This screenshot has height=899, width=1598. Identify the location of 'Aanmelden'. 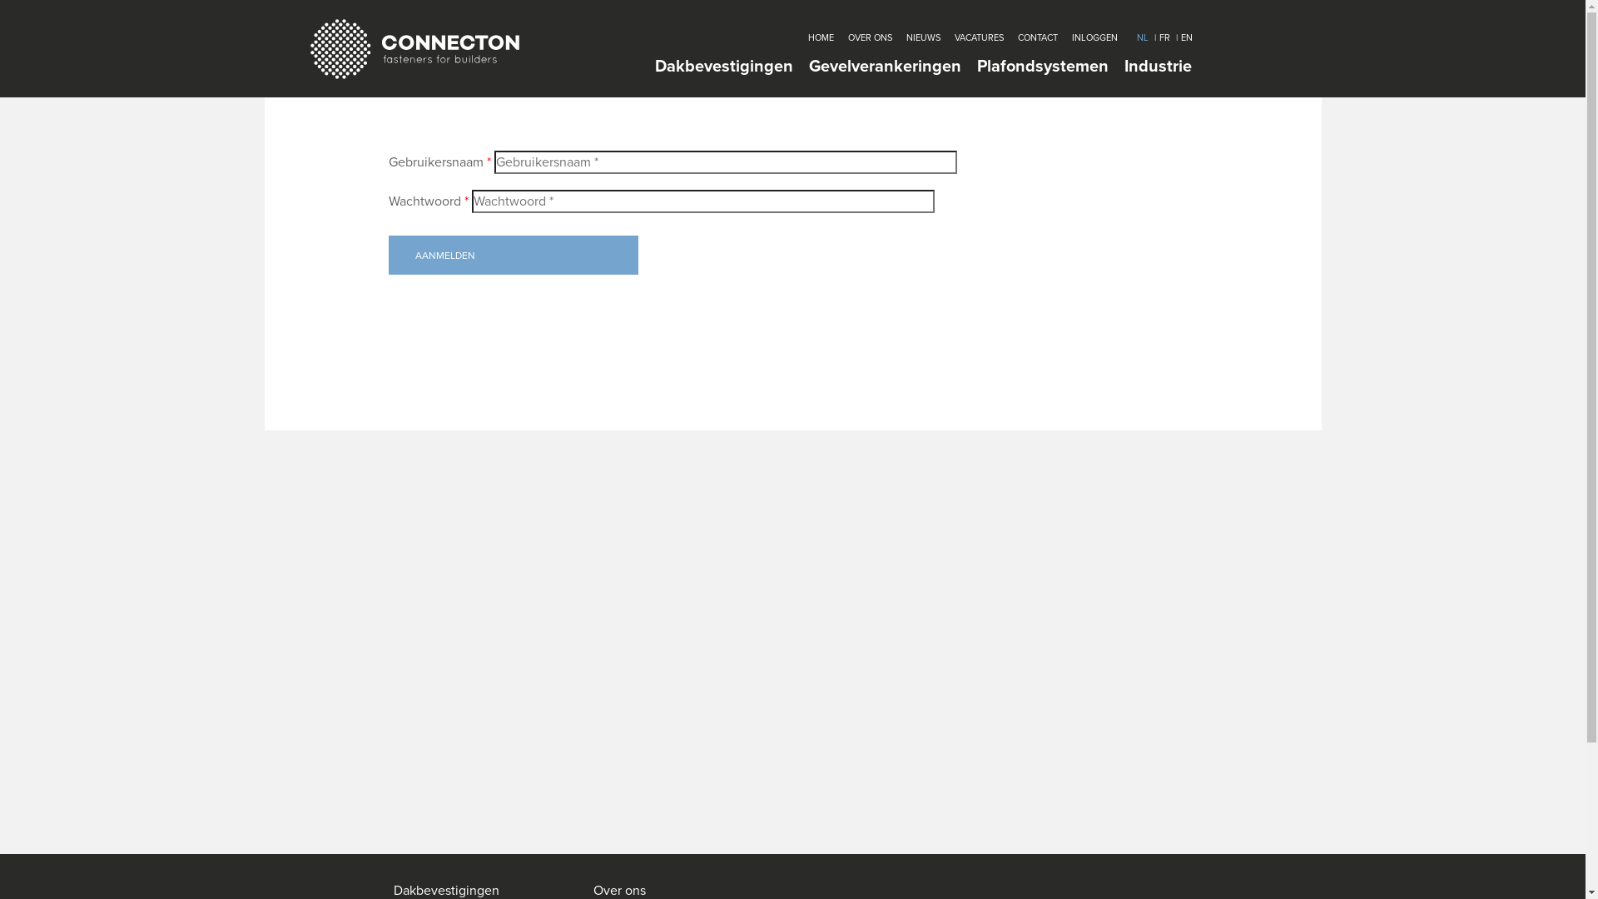
(511, 255).